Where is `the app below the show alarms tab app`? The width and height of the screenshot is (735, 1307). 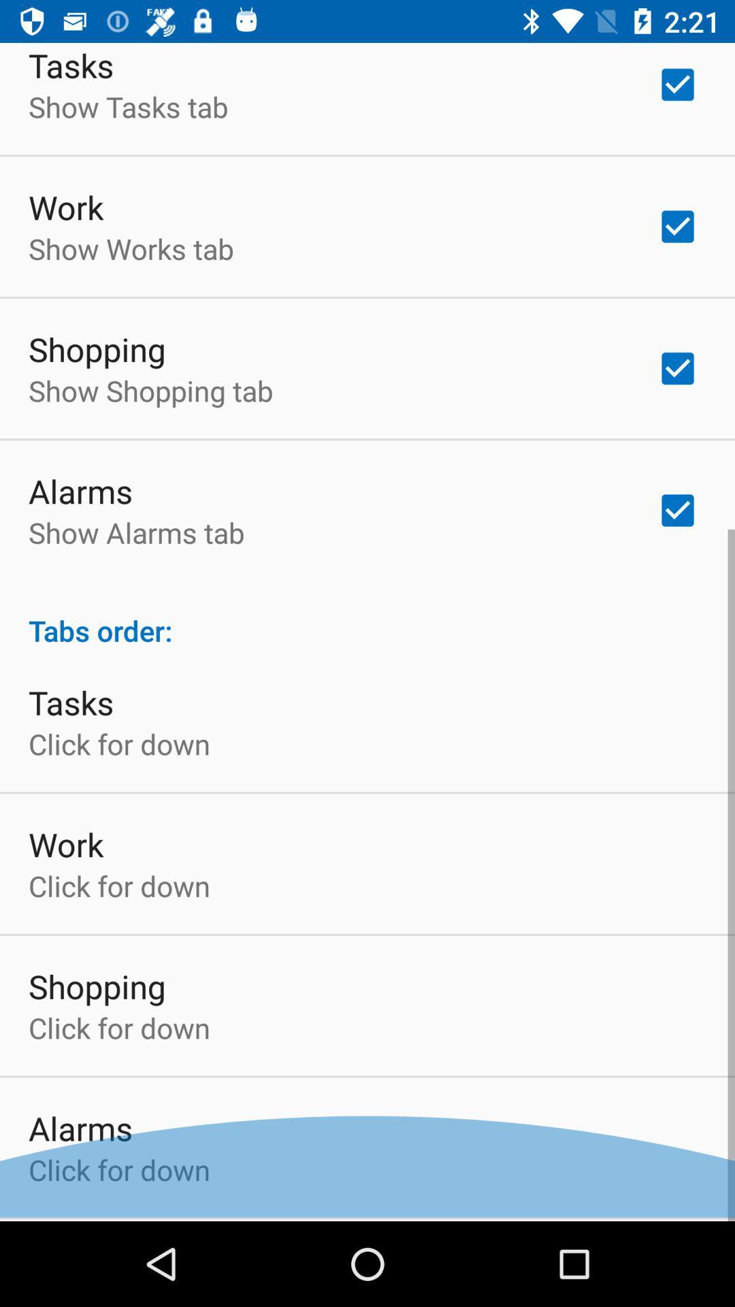 the app below the show alarms tab app is located at coordinates (367, 619).